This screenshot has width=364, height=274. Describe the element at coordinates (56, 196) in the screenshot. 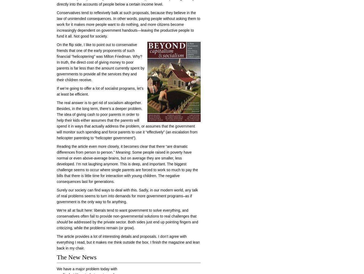

I see `'Surely our society can find ways to deal with this. Sadly, in our modern world, any talk of real problems seems to turn into demands for more government programs–as if government is the only way to fix anything.'` at that location.